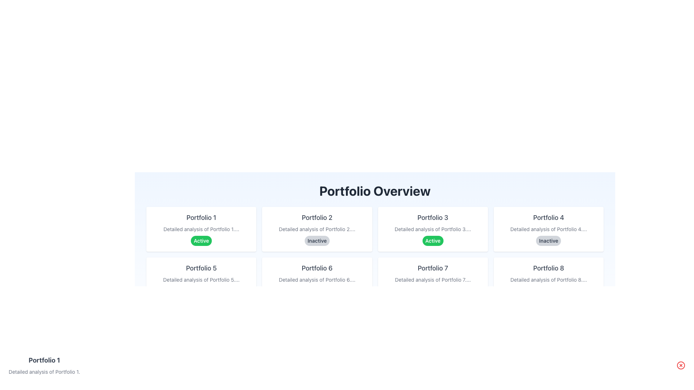 This screenshot has height=390, width=694. What do you see at coordinates (317, 229) in the screenshot?
I see `the Text Label element that displays 'Detailed analysis of Portfolio 2....', located beneath 'Portfolio 2' and above the 'Inactive' badge within the second column of the grid layout` at bounding box center [317, 229].